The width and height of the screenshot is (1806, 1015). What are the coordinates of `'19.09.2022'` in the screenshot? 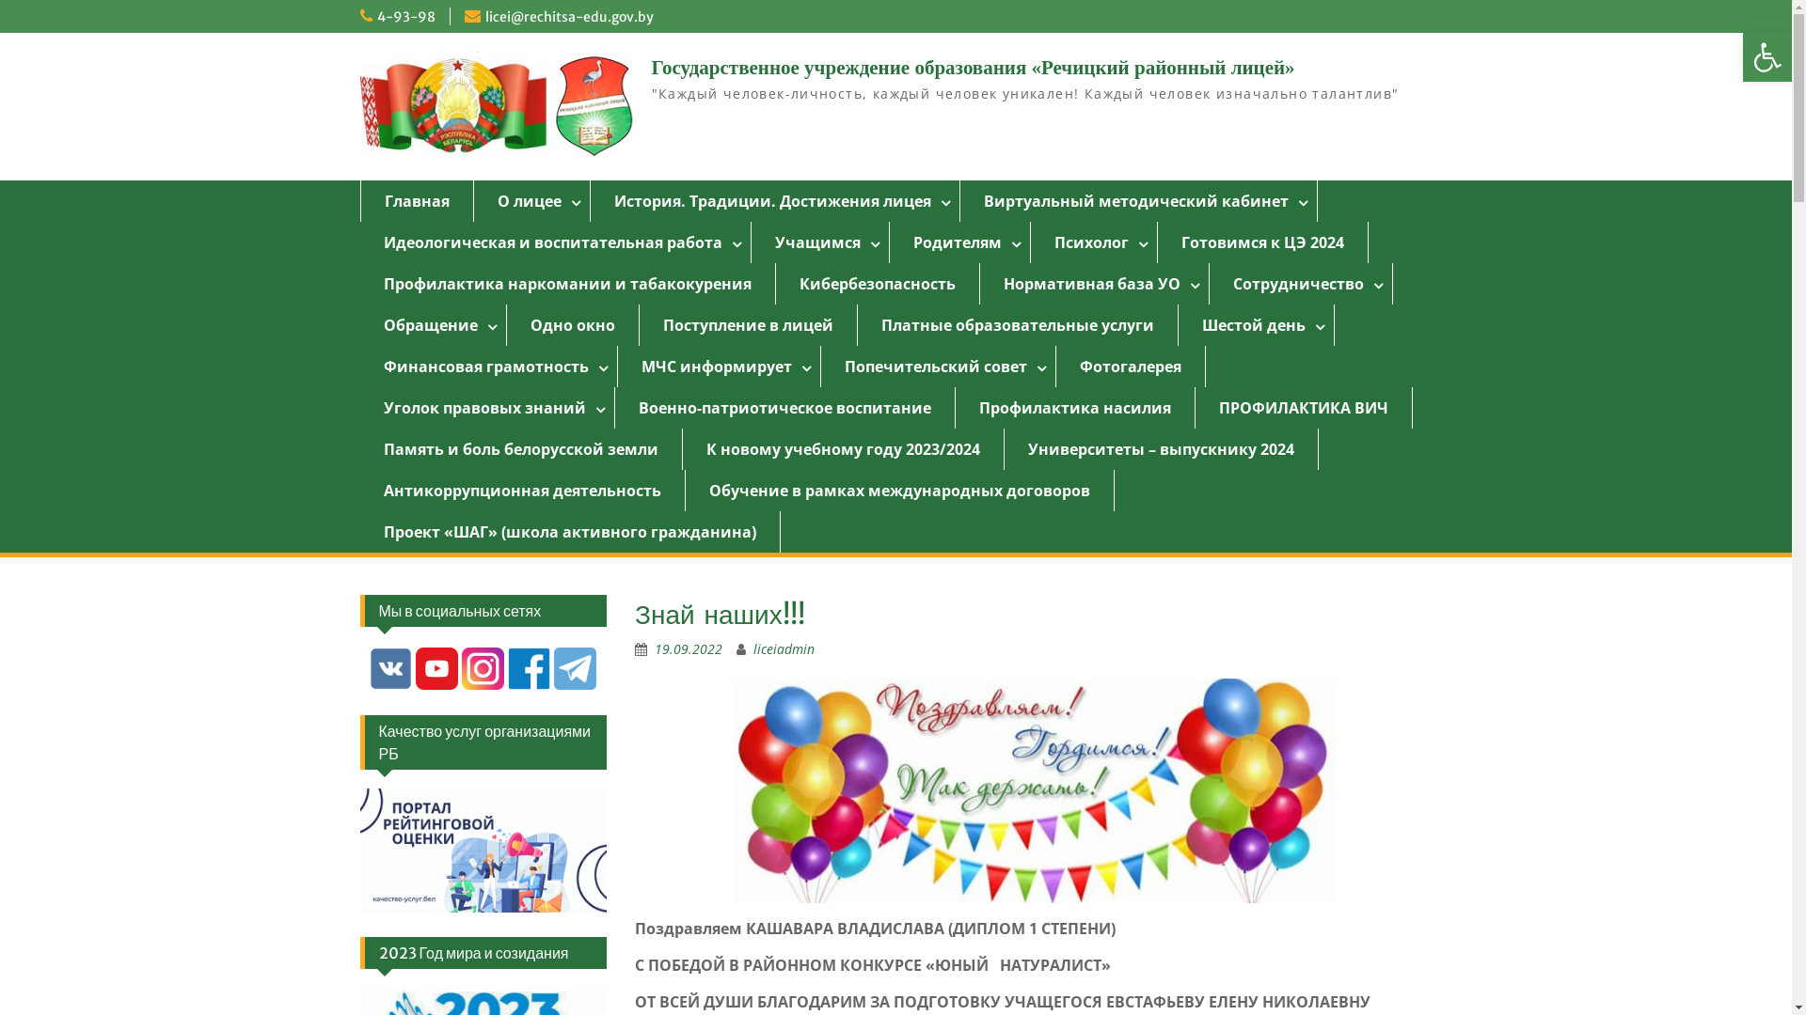 It's located at (687, 648).